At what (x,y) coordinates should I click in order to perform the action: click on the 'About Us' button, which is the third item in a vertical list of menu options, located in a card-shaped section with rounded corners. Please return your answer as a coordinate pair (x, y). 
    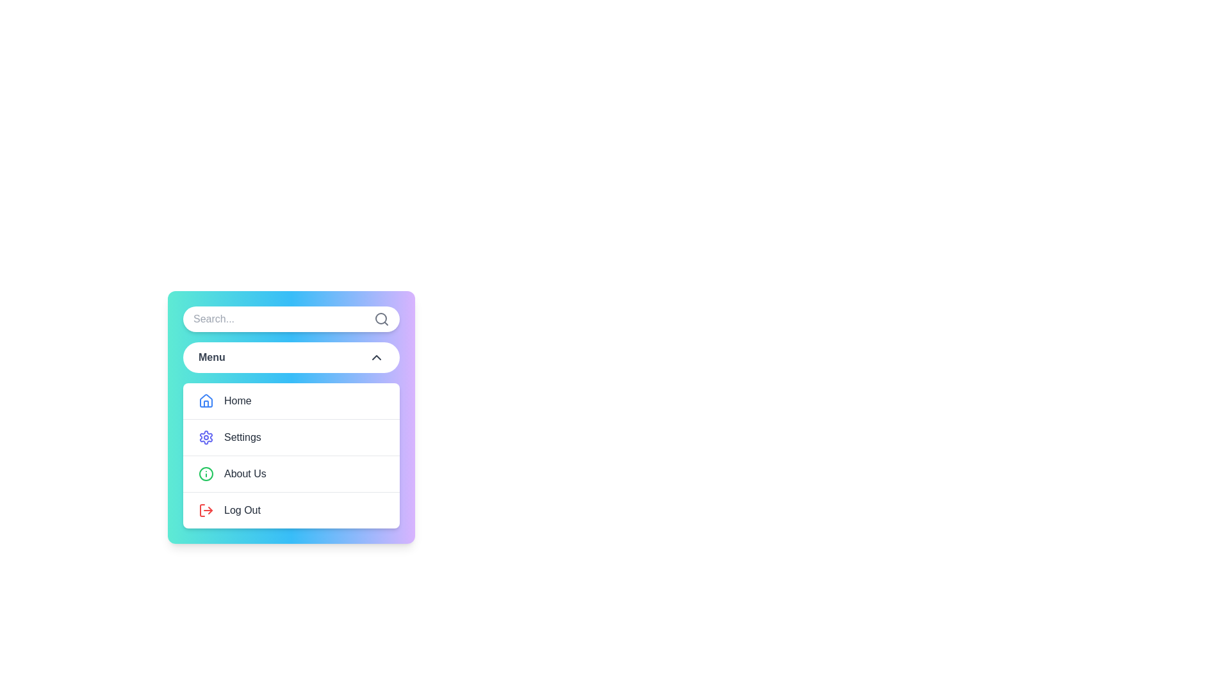
    Looking at the image, I should click on (291, 473).